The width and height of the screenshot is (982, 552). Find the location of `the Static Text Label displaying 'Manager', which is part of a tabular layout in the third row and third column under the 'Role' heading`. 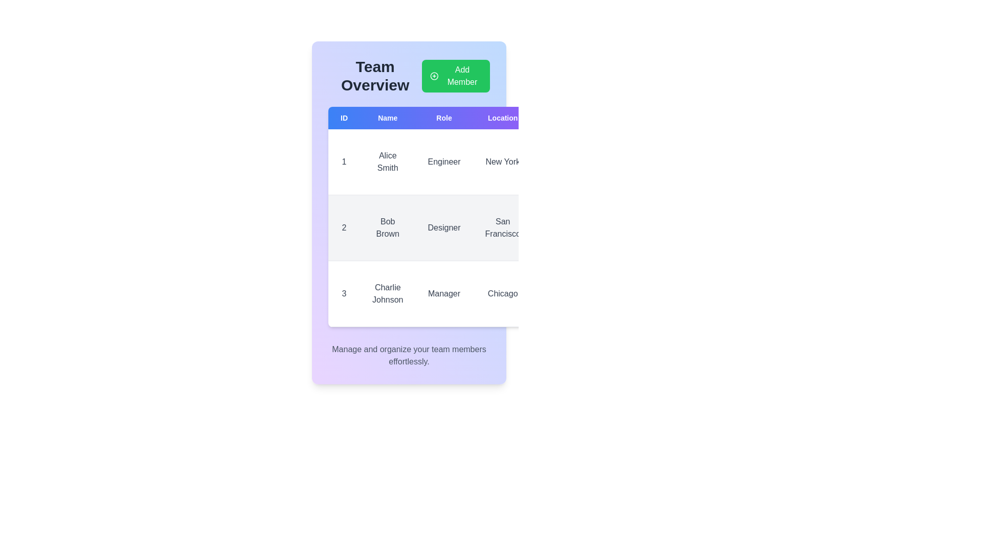

the Static Text Label displaying 'Manager', which is part of a tabular layout in the third row and third column under the 'Role' heading is located at coordinates (444, 293).